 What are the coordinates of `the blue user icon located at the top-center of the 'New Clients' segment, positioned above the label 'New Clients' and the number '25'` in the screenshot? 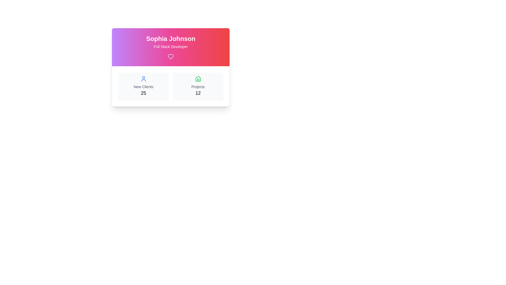 It's located at (143, 79).